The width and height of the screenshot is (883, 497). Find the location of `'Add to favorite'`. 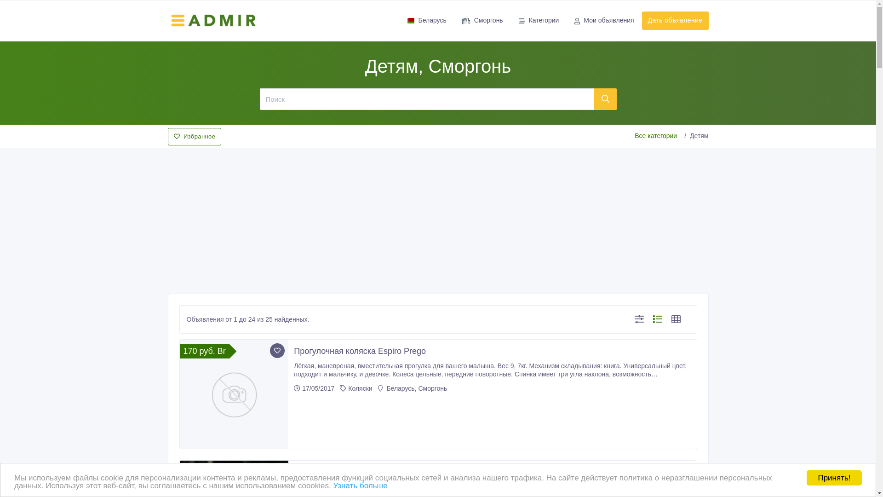

'Add to favorite' is located at coordinates (277, 351).